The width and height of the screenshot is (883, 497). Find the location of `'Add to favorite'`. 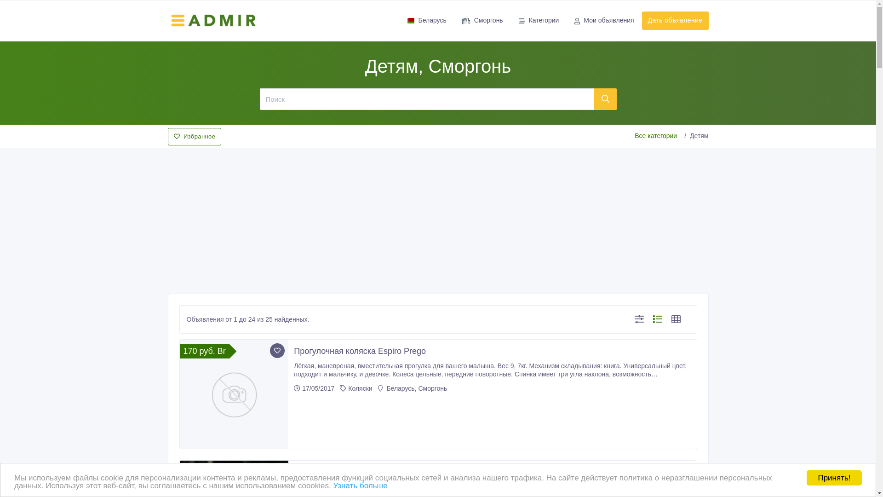

'Add to favorite' is located at coordinates (277, 351).